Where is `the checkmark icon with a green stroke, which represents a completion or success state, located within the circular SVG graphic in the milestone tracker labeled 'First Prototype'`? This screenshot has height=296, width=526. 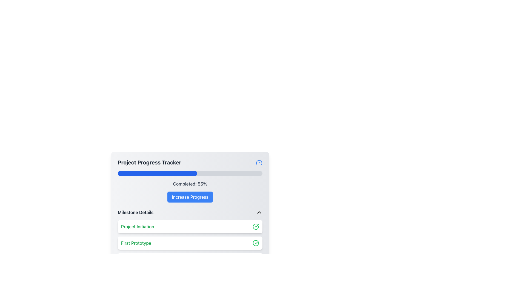 the checkmark icon with a green stroke, which represents a completion or success state, located within the circular SVG graphic in the milestone tracker labeled 'First Prototype' is located at coordinates (256, 226).